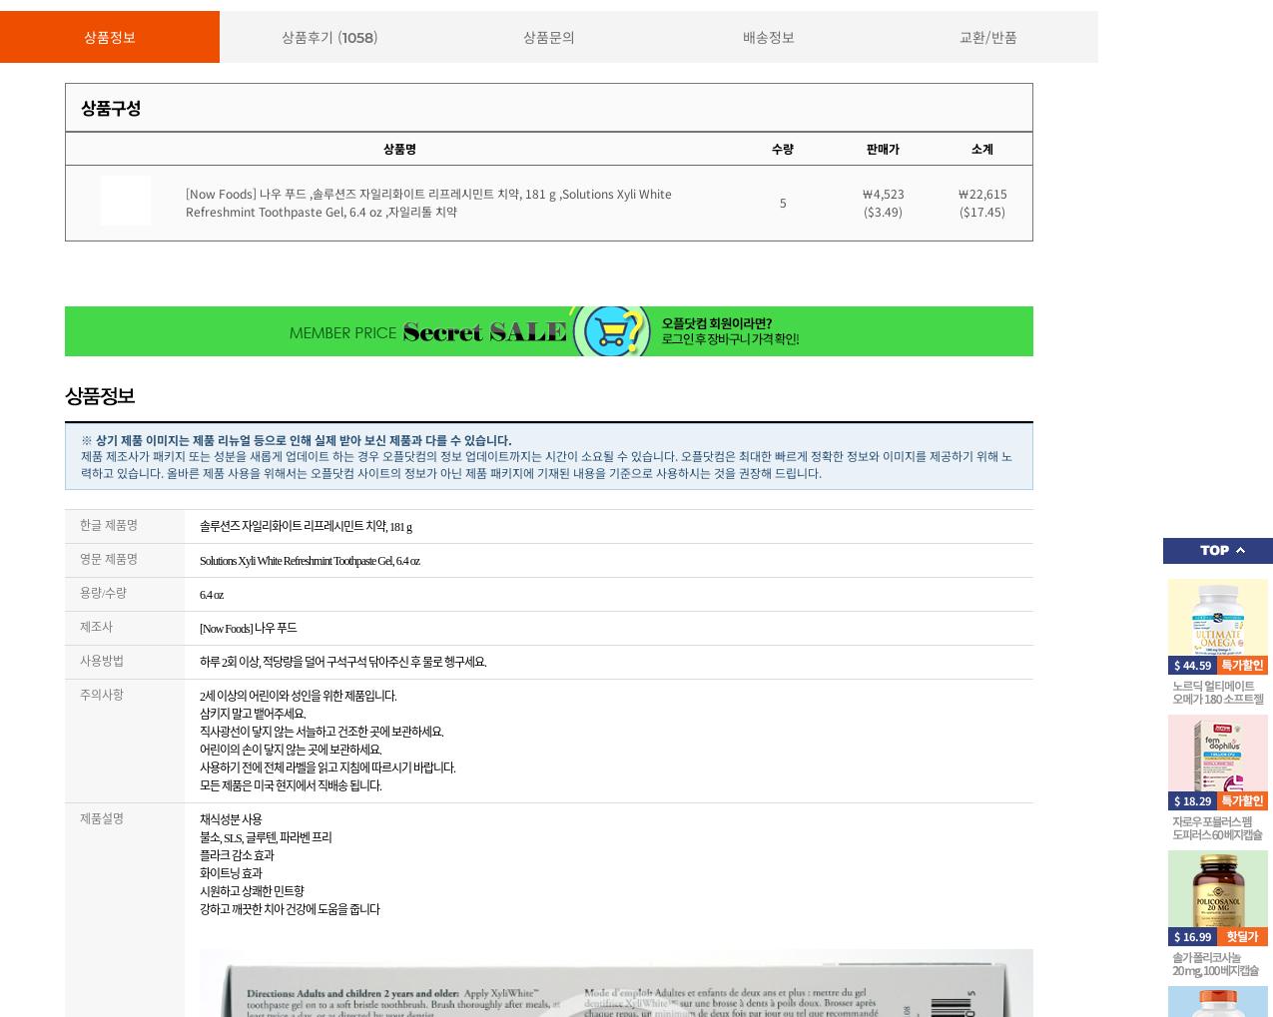 Image resolution: width=1273 pixels, height=1017 pixels. What do you see at coordinates (311, 35) in the screenshot?
I see `'상품후기 ('` at bounding box center [311, 35].